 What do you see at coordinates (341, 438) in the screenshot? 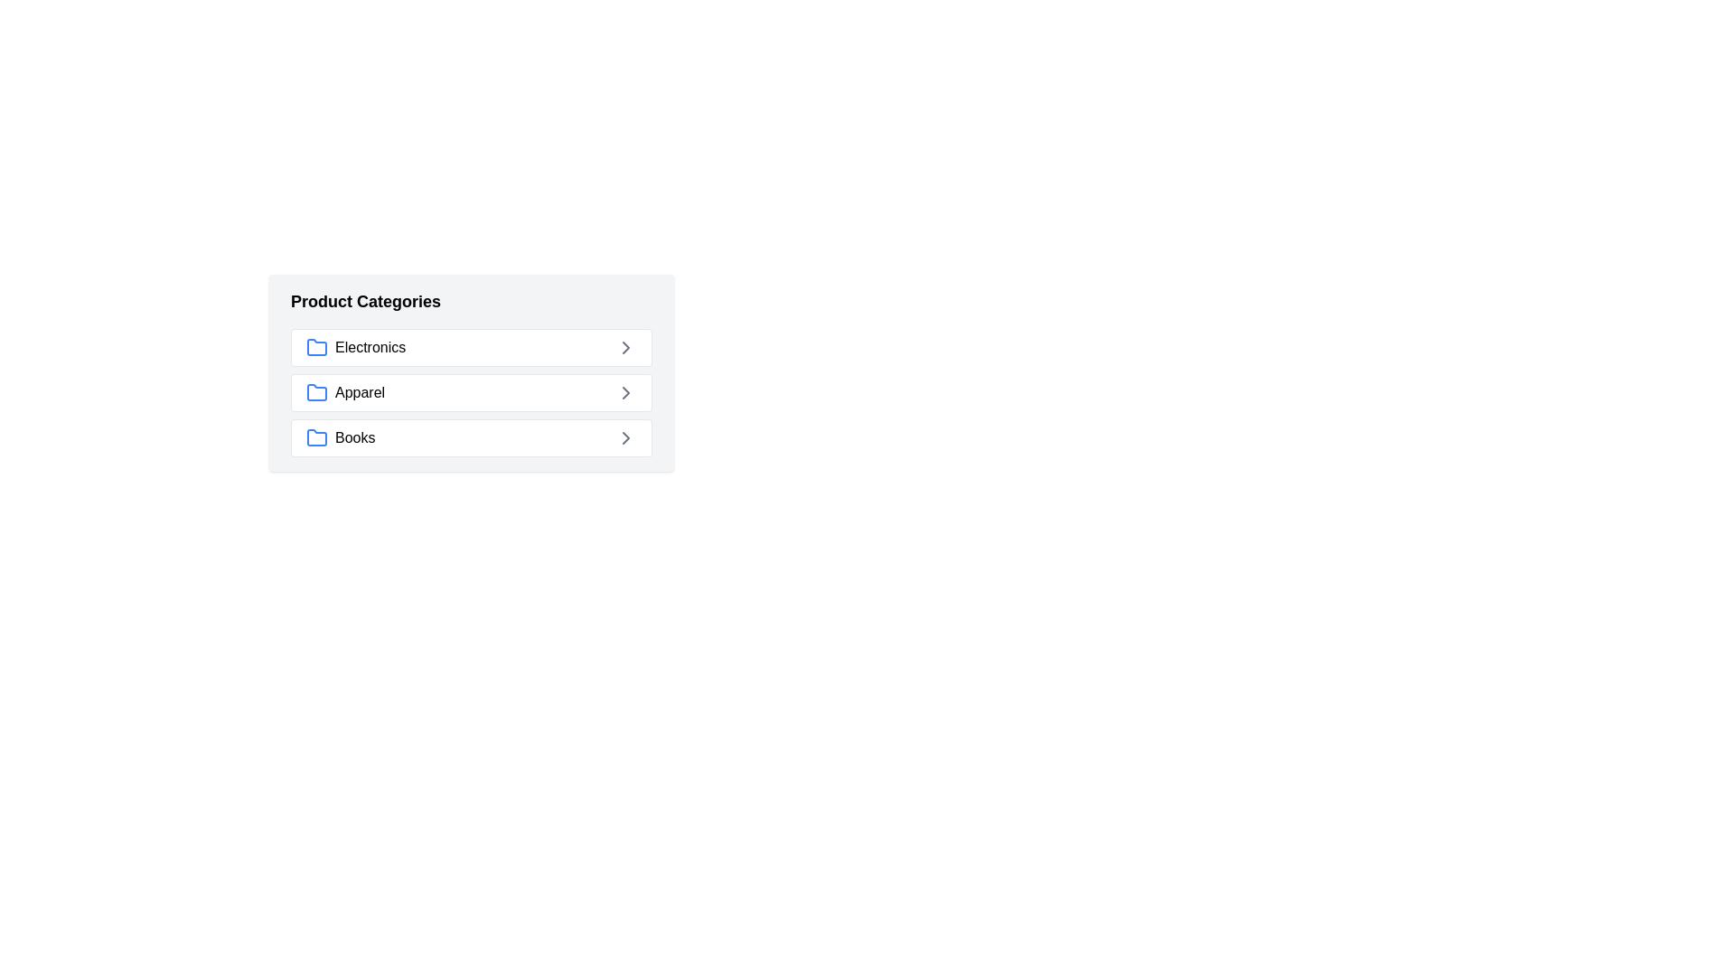
I see `the 'Books' category option in the selectable list` at bounding box center [341, 438].